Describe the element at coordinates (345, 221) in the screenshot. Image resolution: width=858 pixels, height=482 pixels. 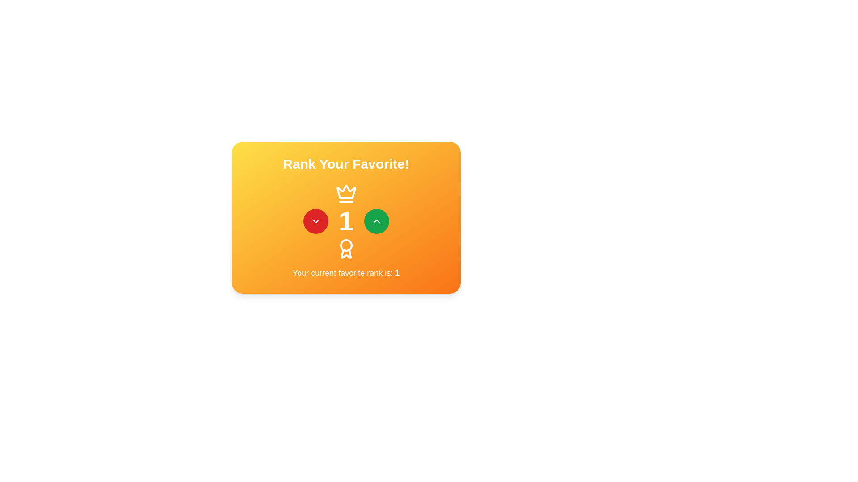
I see `the Text Label that displays the current rank or score, which is positioned centrally beneath a crown icon and above a medal icon` at that location.